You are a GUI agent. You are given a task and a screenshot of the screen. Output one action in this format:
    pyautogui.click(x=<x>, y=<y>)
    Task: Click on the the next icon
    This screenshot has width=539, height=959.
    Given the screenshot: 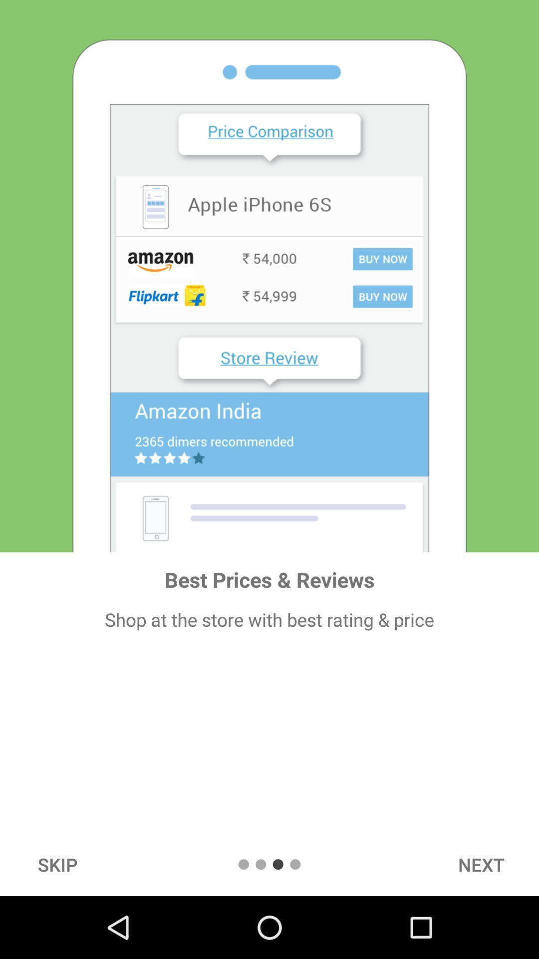 What is the action you would take?
    pyautogui.click(x=481, y=864)
    